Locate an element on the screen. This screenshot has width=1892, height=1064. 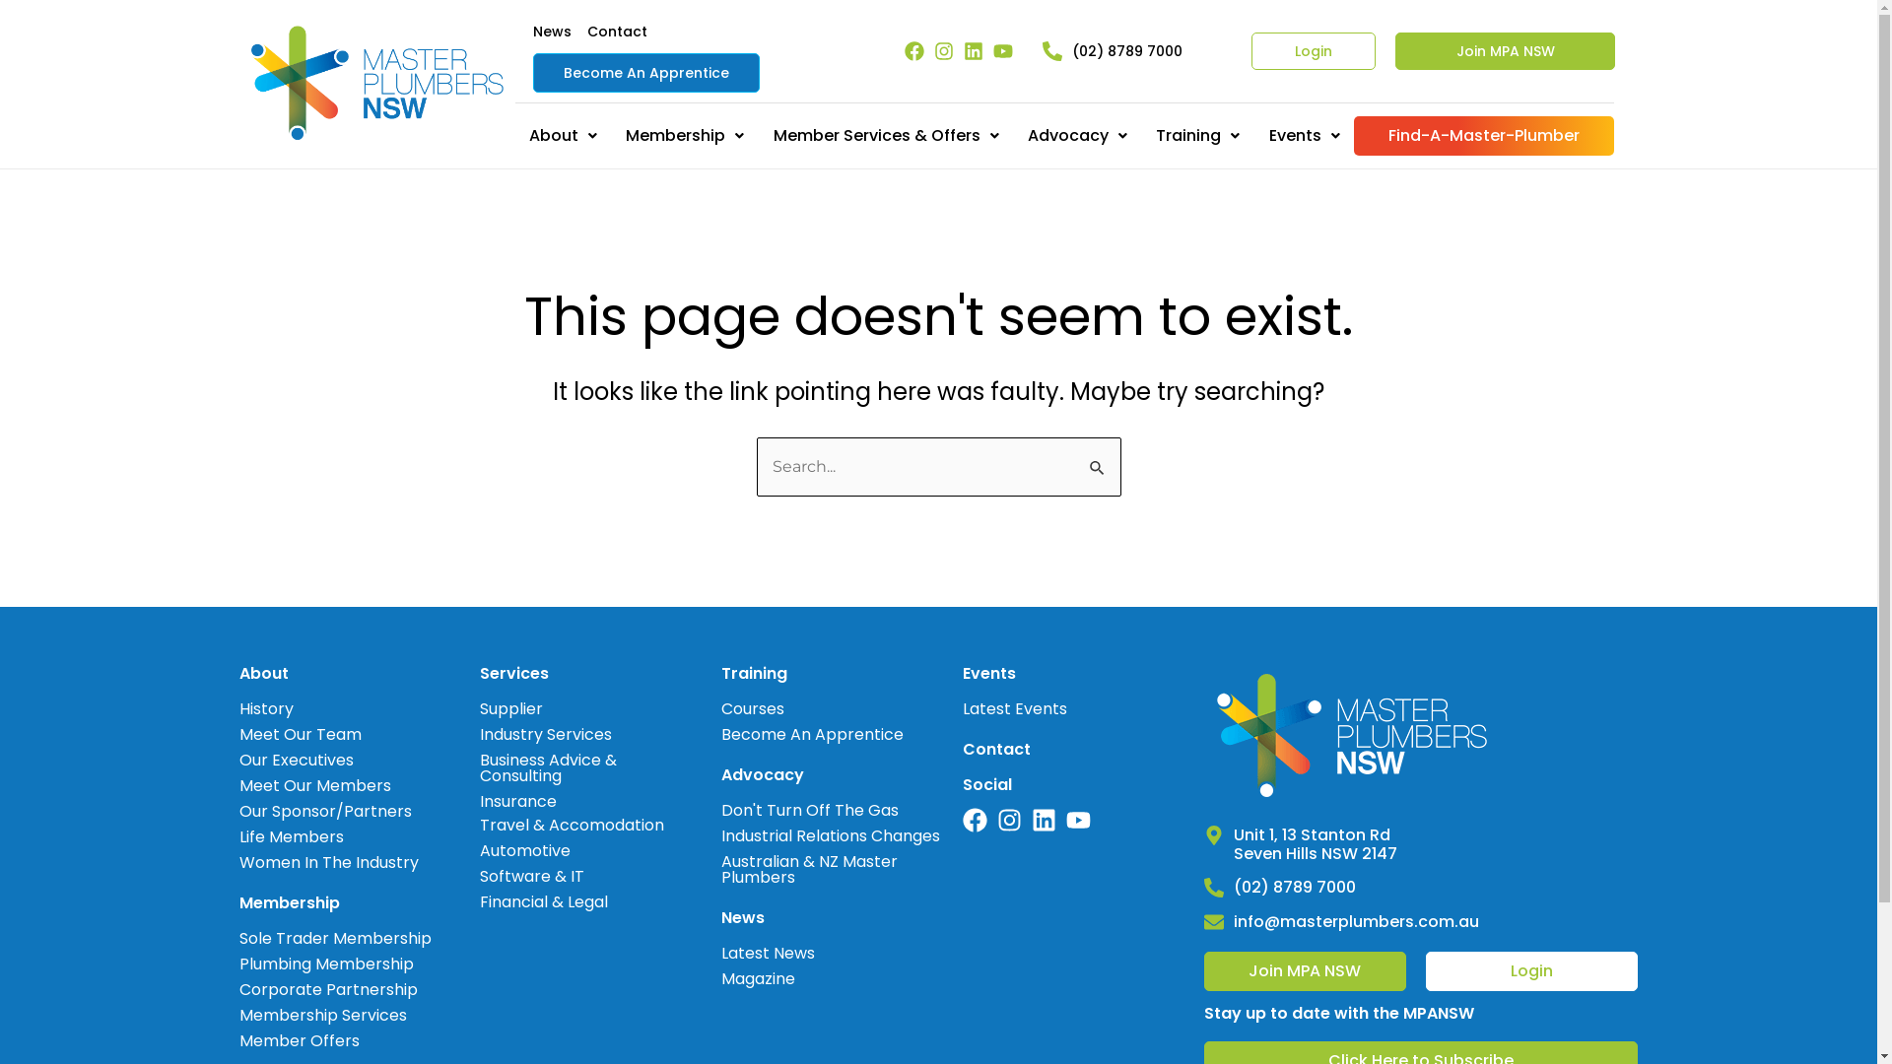
'Our Executives' is located at coordinates (327, 759).